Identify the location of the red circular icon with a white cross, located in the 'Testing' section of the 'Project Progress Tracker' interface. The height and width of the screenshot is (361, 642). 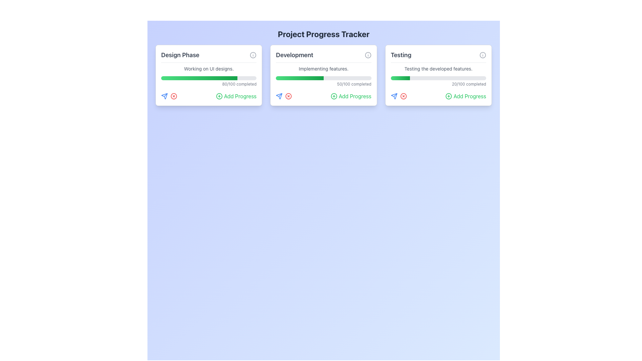
(403, 96).